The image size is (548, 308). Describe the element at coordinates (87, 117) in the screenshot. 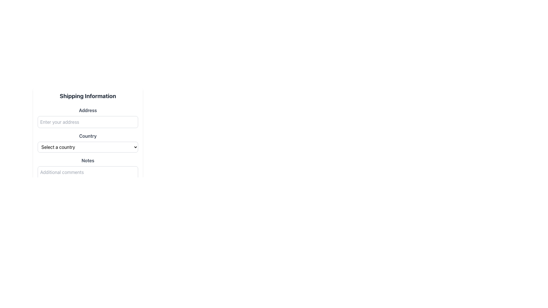

I see `the input field for entering the address to focus on it` at that location.